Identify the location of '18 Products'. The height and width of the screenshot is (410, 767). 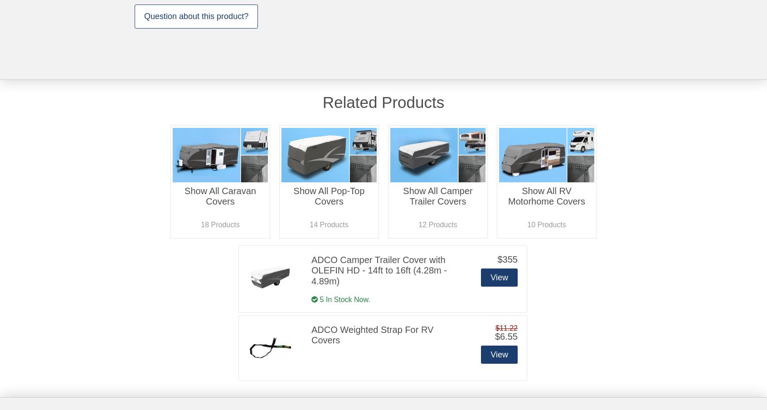
(219, 224).